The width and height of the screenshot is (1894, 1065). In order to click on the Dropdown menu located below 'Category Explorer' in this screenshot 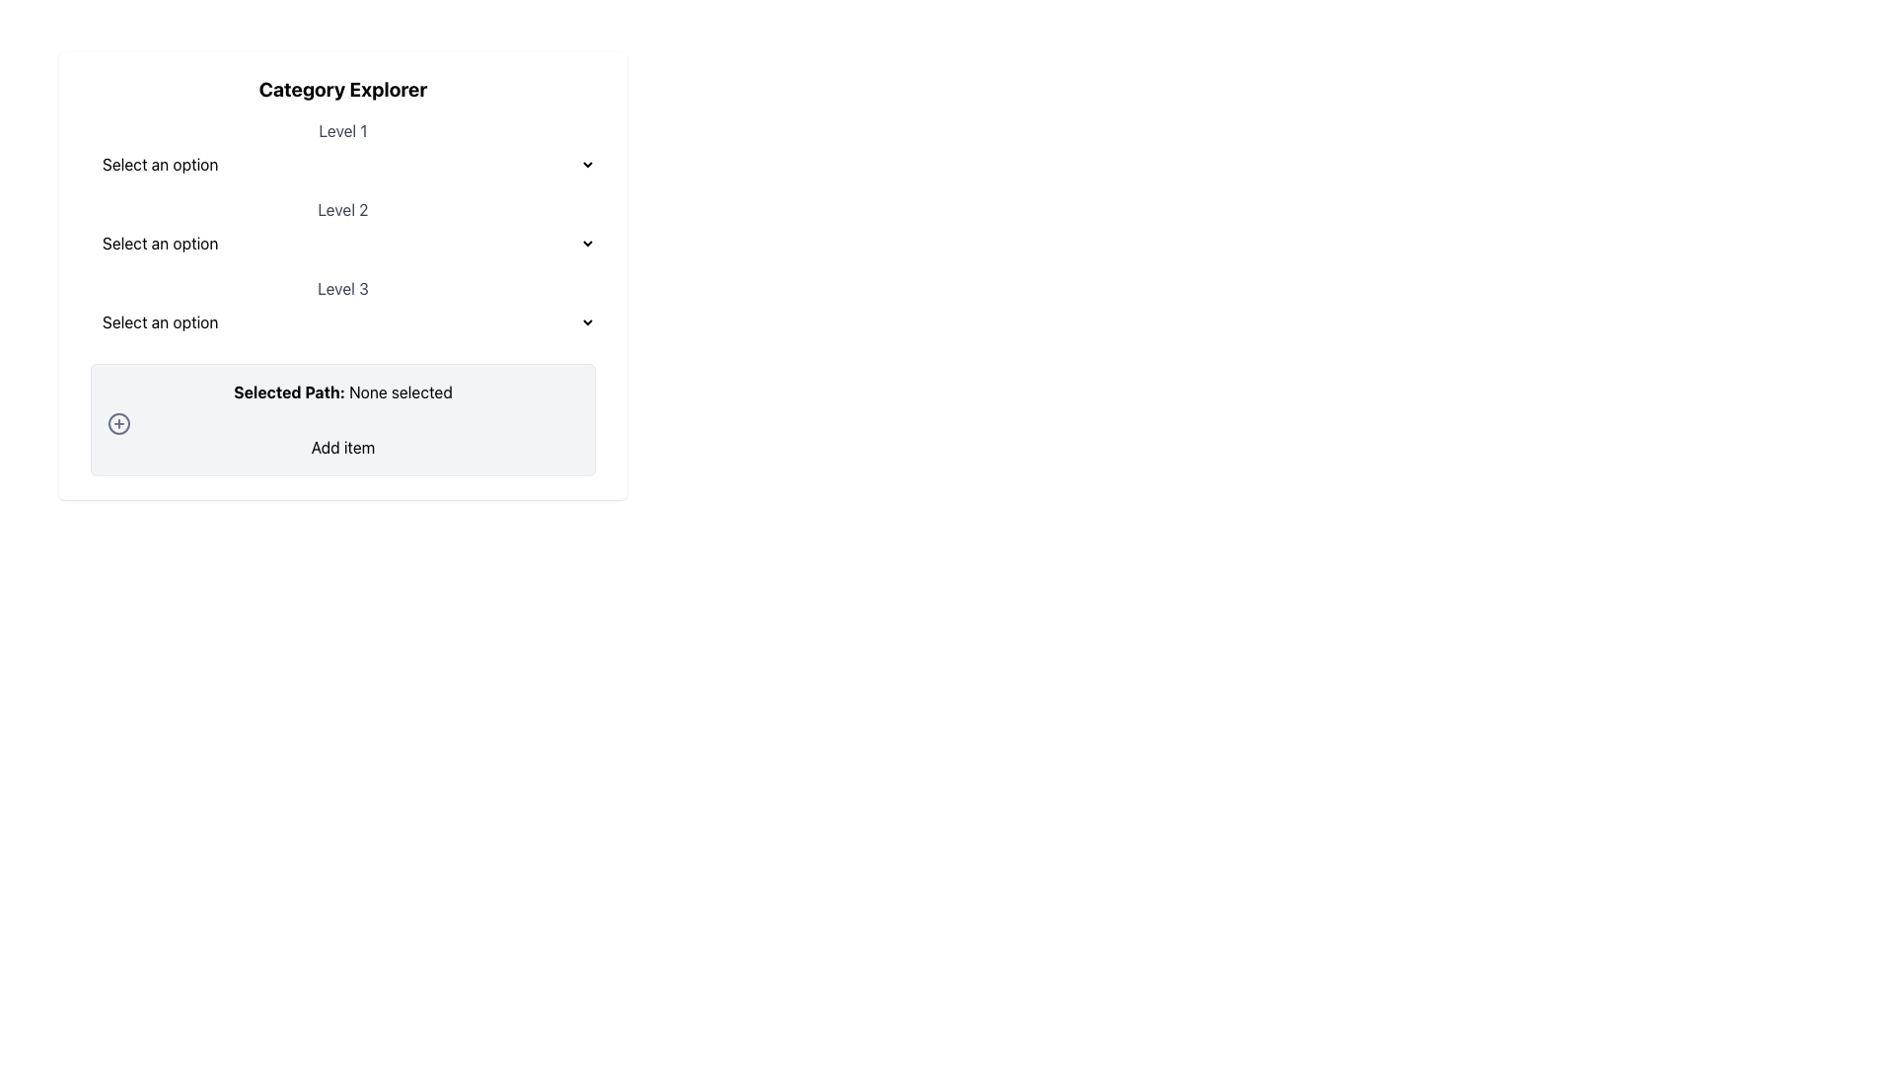, I will do `click(342, 150)`.